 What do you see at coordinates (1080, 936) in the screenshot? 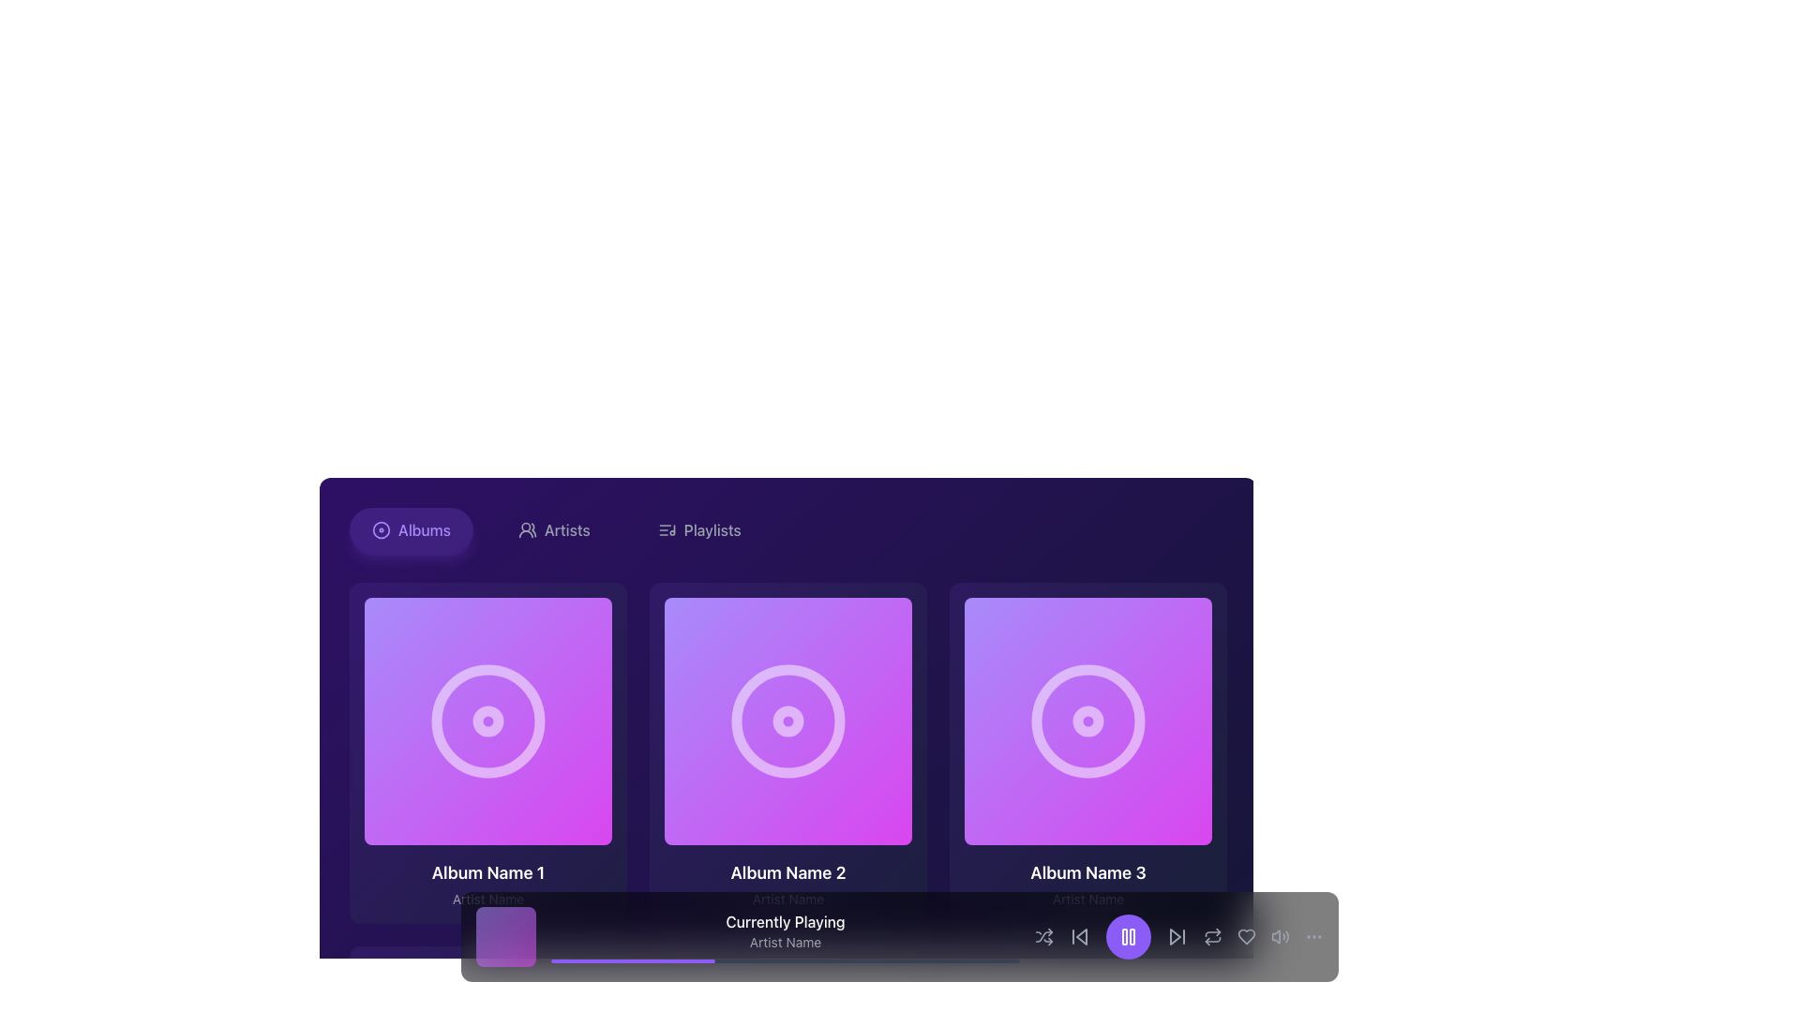
I see `the navigation button located in the bottom center control panel, specifically to the left of the large purple play/pause button, which is the third interactive icon from the left` at bounding box center [1080, 936].